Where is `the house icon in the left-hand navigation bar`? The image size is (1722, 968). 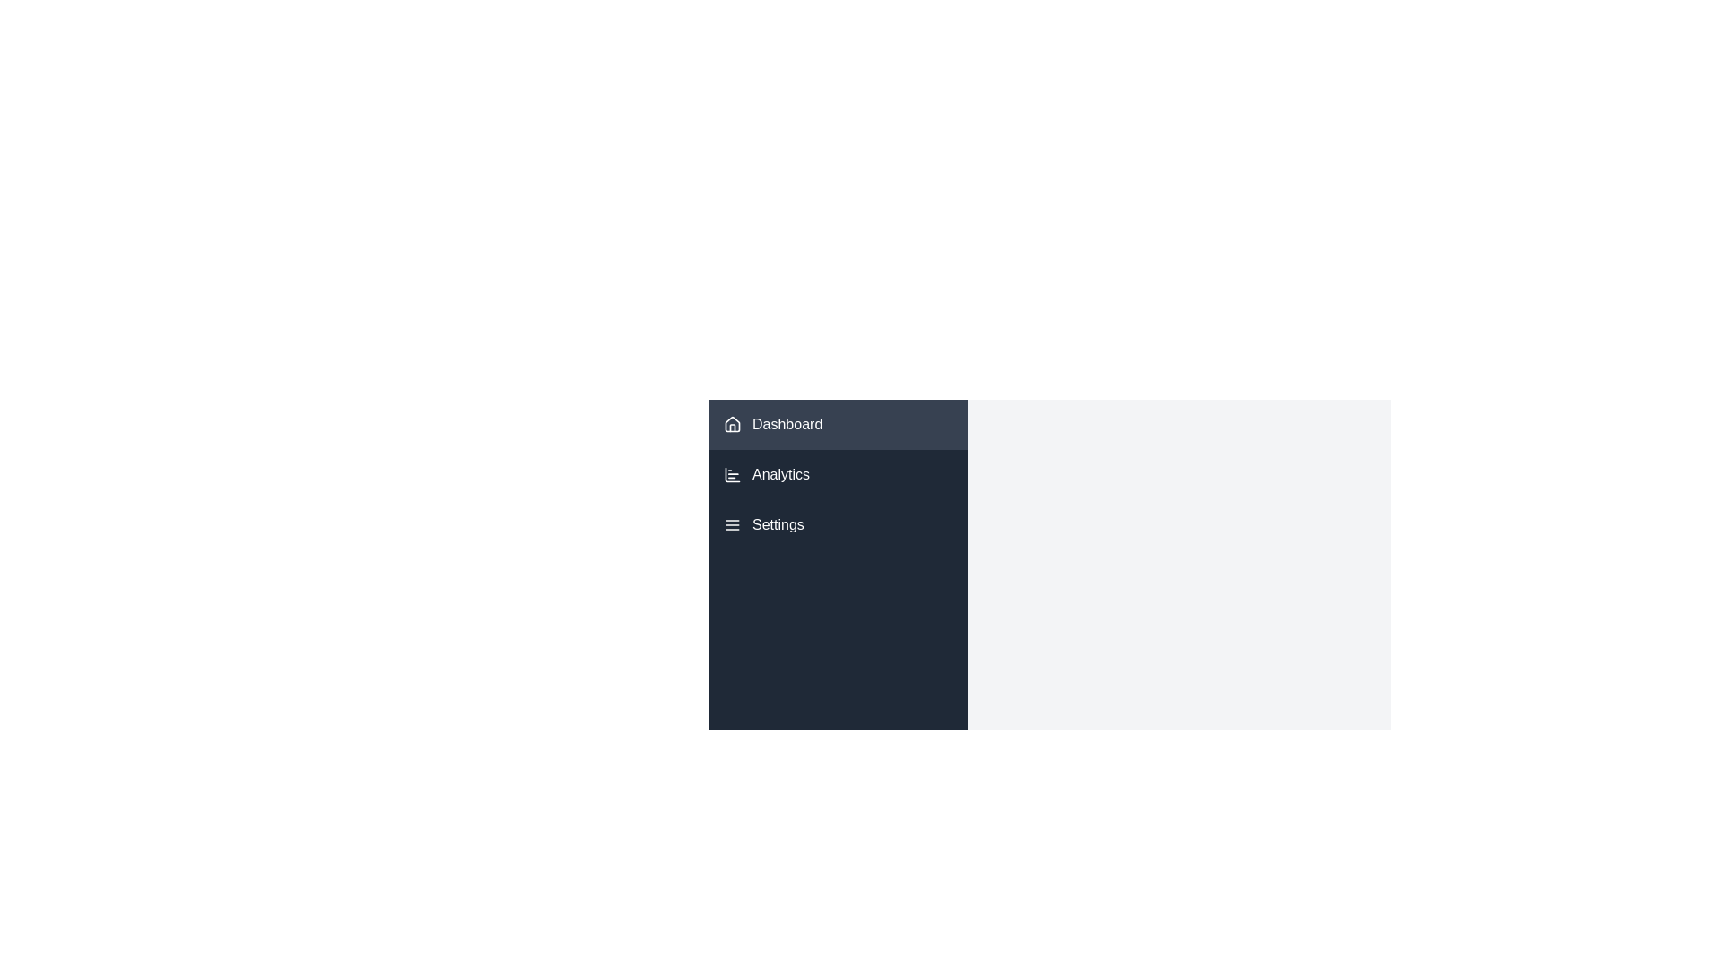 the house icon in the left-hand navigation bar is located at coordinates (732, 424).